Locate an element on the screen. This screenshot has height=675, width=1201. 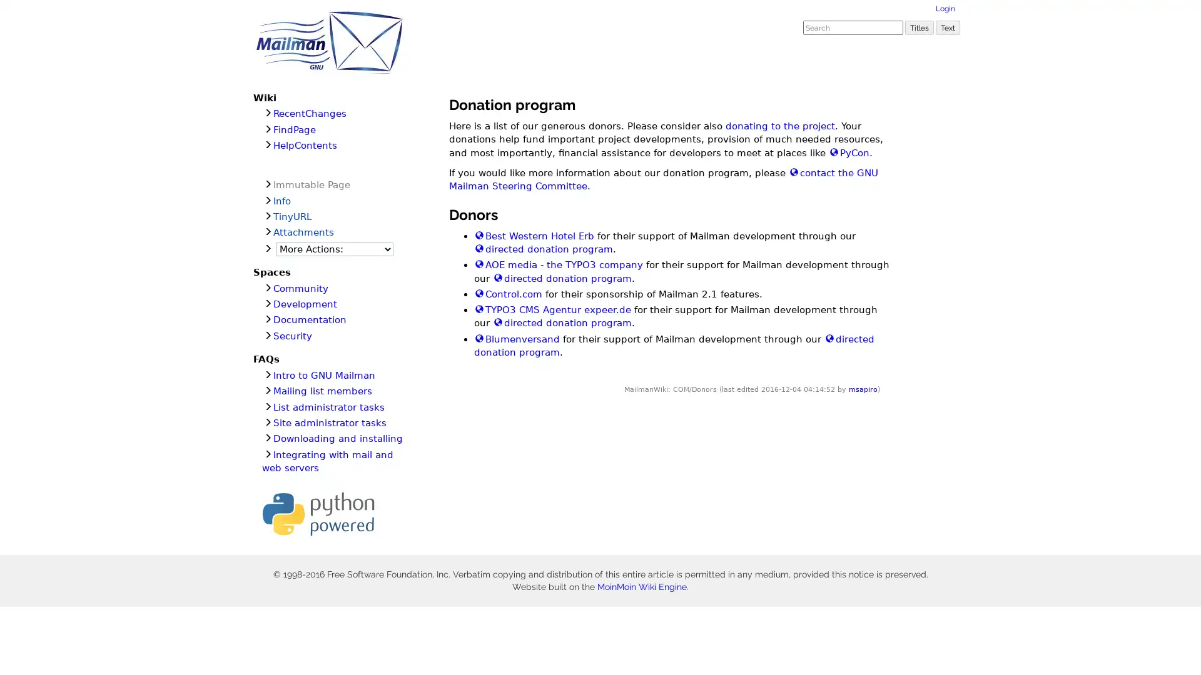
Titles is located at coordinates (919, 27).